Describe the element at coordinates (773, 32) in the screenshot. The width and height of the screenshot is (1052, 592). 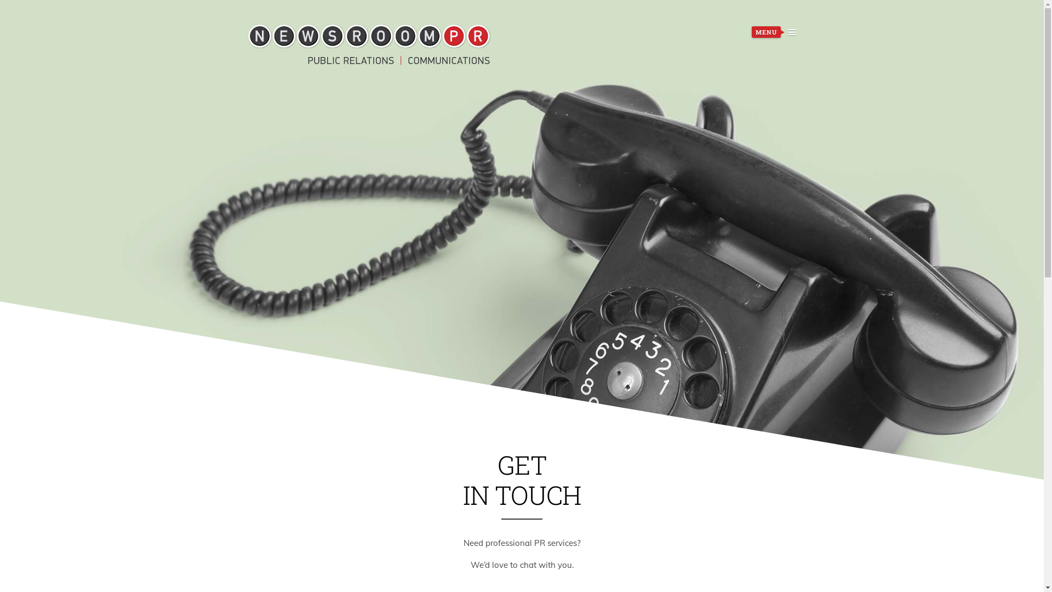
I see `'MENU'` at that location.